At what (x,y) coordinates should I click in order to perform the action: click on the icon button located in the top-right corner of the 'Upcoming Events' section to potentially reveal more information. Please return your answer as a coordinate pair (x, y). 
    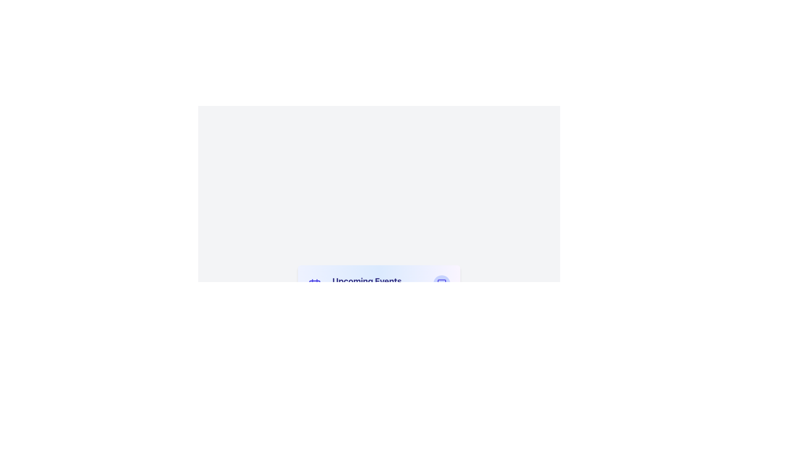
    Looking at the image, I should click on (441, 284).